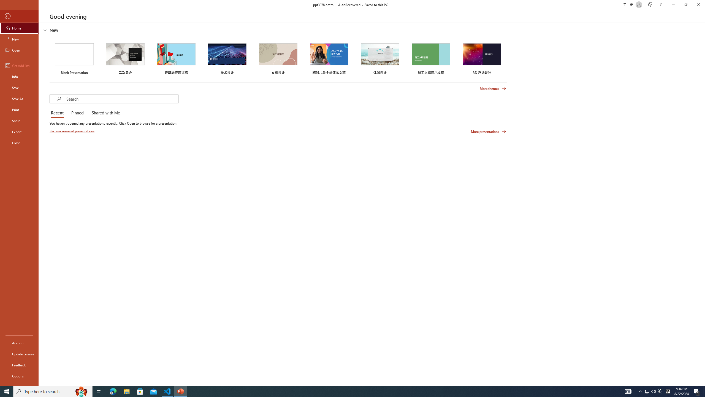 The image size is (705, 397). What do you see at coordinates (58, 113) in the screenshot?
I see `'Recent'` at bounding box center [58, 113].